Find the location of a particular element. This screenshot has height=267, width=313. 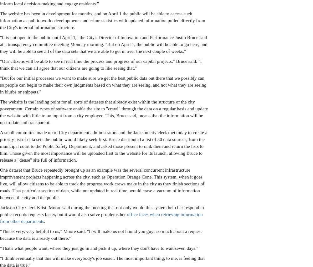

'"It is not open to the public until April 1," the City's Director of Innovation and Performance Justin Bruce said at a transparency committee meeting Monday morning. "But on April 1, the public will be able to go here, and they will be able to see all of the data sets that we are able to get in over the next couple of weeks."' is located at coordinates (103, 44).